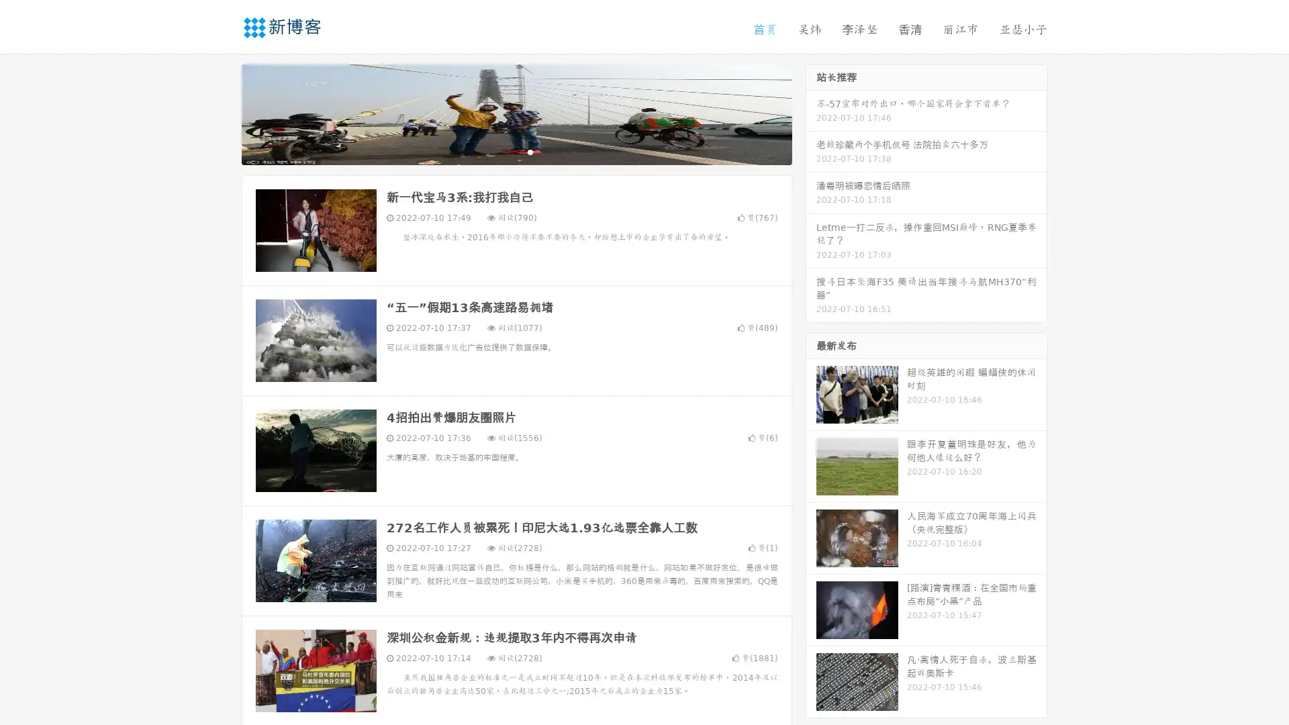 This screenshot has width=1289, height=725. Describe the element at coordinates (222, 113) in the screenshot. I see `Previous slide` at that location.